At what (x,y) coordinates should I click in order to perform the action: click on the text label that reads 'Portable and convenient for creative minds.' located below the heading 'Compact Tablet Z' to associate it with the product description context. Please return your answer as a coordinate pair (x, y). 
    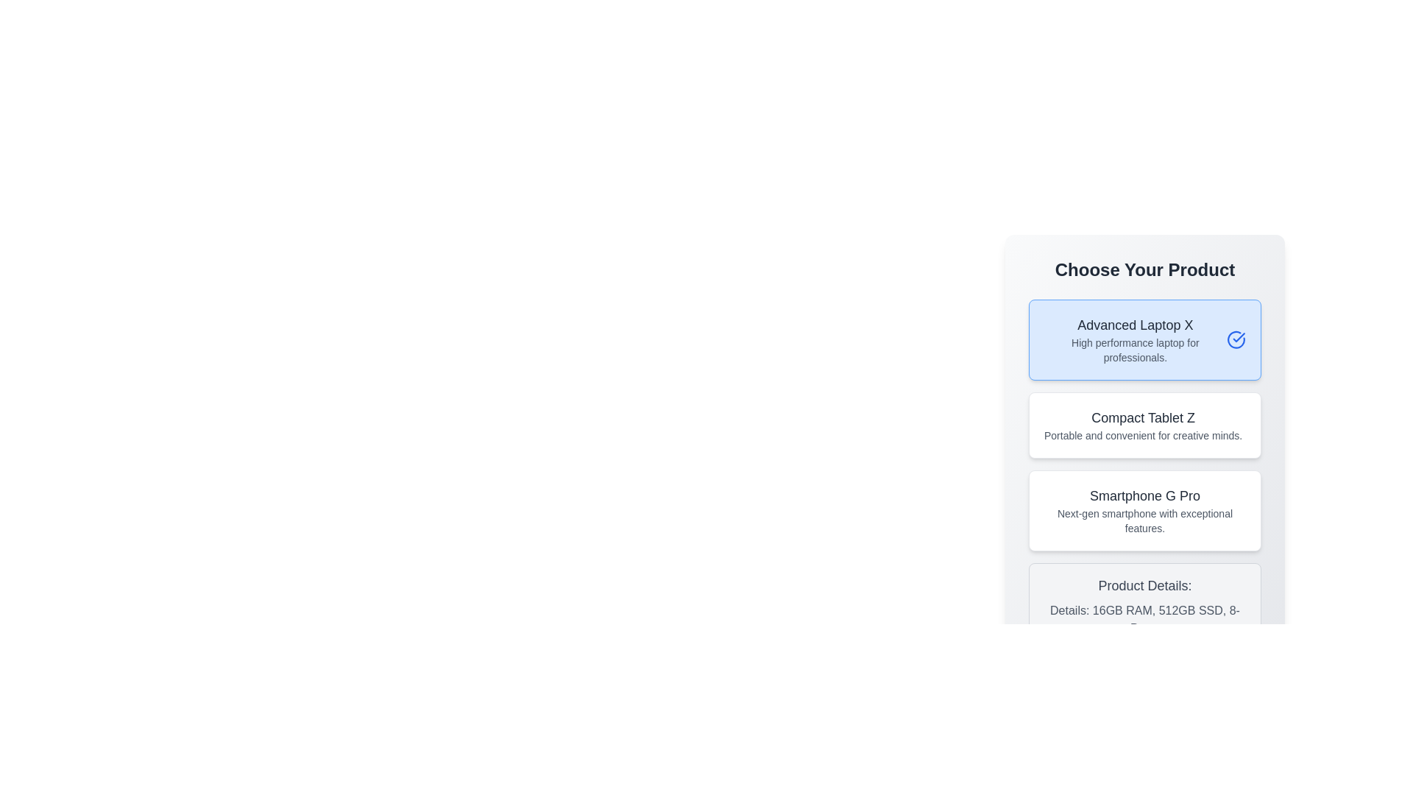
    Looking at the image, I should click on (1142, 434).